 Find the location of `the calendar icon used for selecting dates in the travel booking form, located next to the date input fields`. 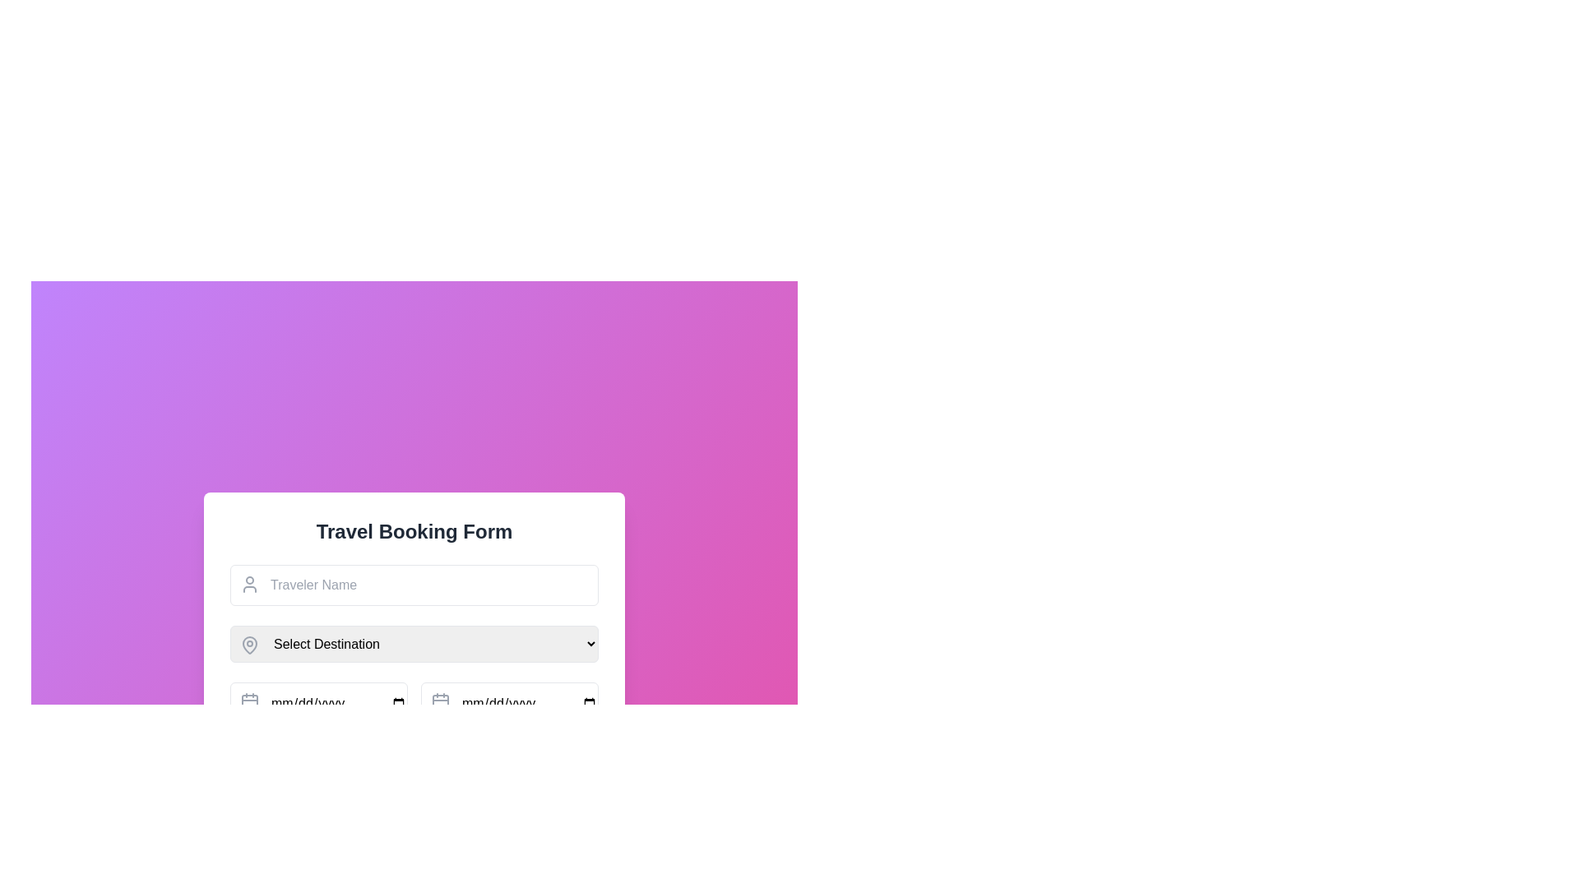

the calendar icon used for selecting dates in the travel booking form, located next to the date input fields is located at coordinates (441, 703).